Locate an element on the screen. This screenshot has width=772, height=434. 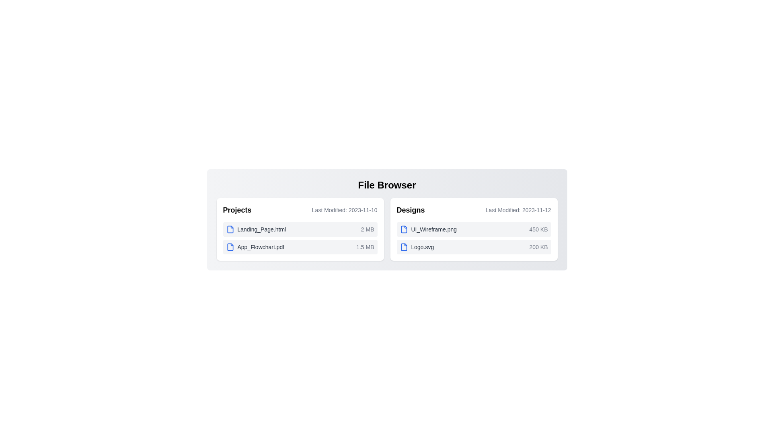
the file entry Logo.svg to highlight it is located at coordinates (474, 246).